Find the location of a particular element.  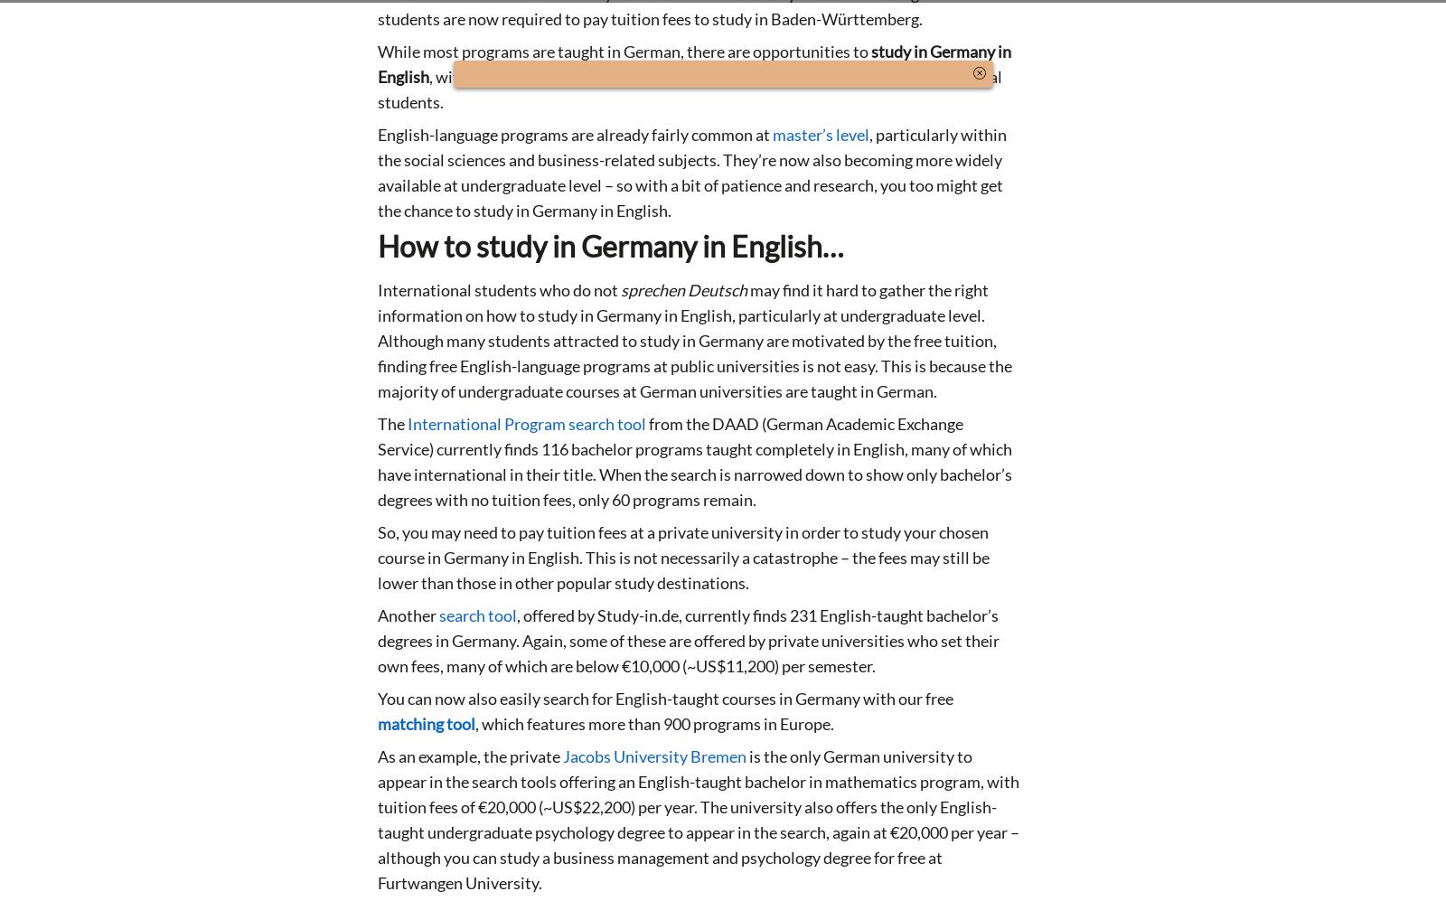

'English-language programs are already fairly common at' is located at coordinates (575, 133).